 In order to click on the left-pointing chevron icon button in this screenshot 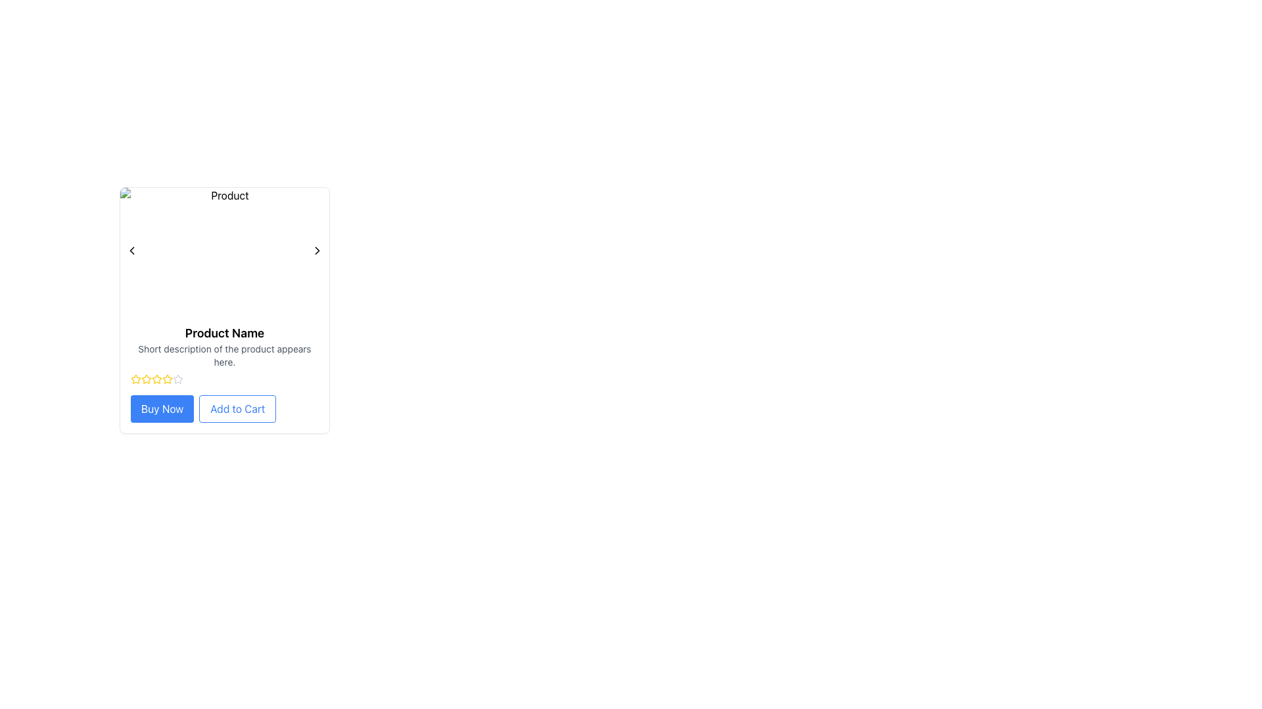, I will do `click(132, 250)`.